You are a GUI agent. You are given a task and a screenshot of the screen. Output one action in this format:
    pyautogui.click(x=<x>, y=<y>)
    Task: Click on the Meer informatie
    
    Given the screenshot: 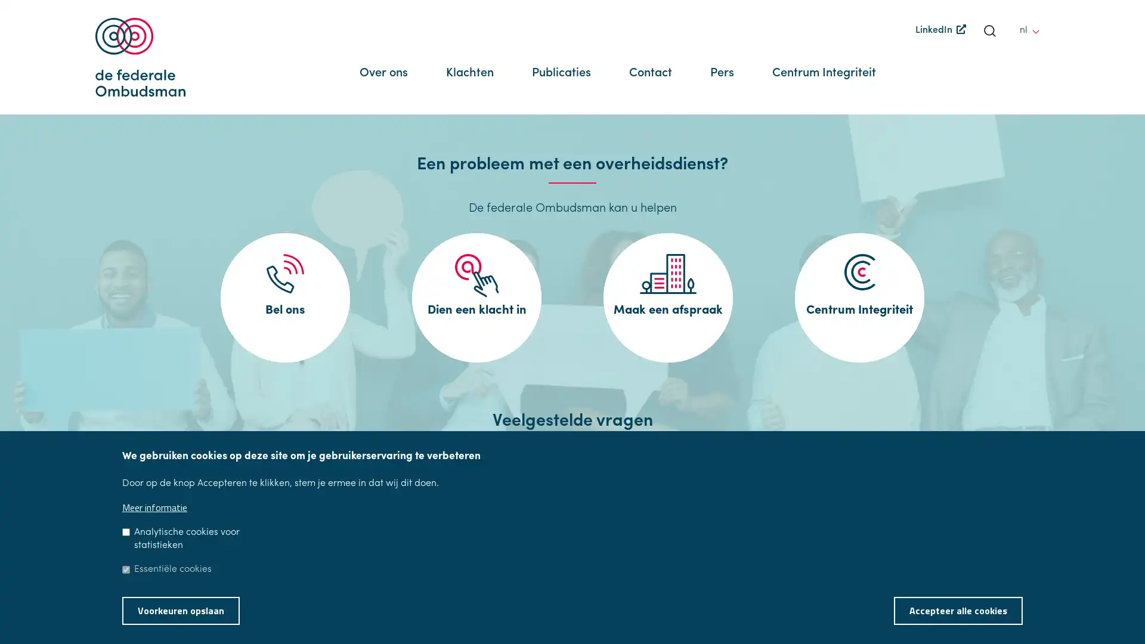 What is the action you would take?
    pyautogui.click(x=154, y=507)
    